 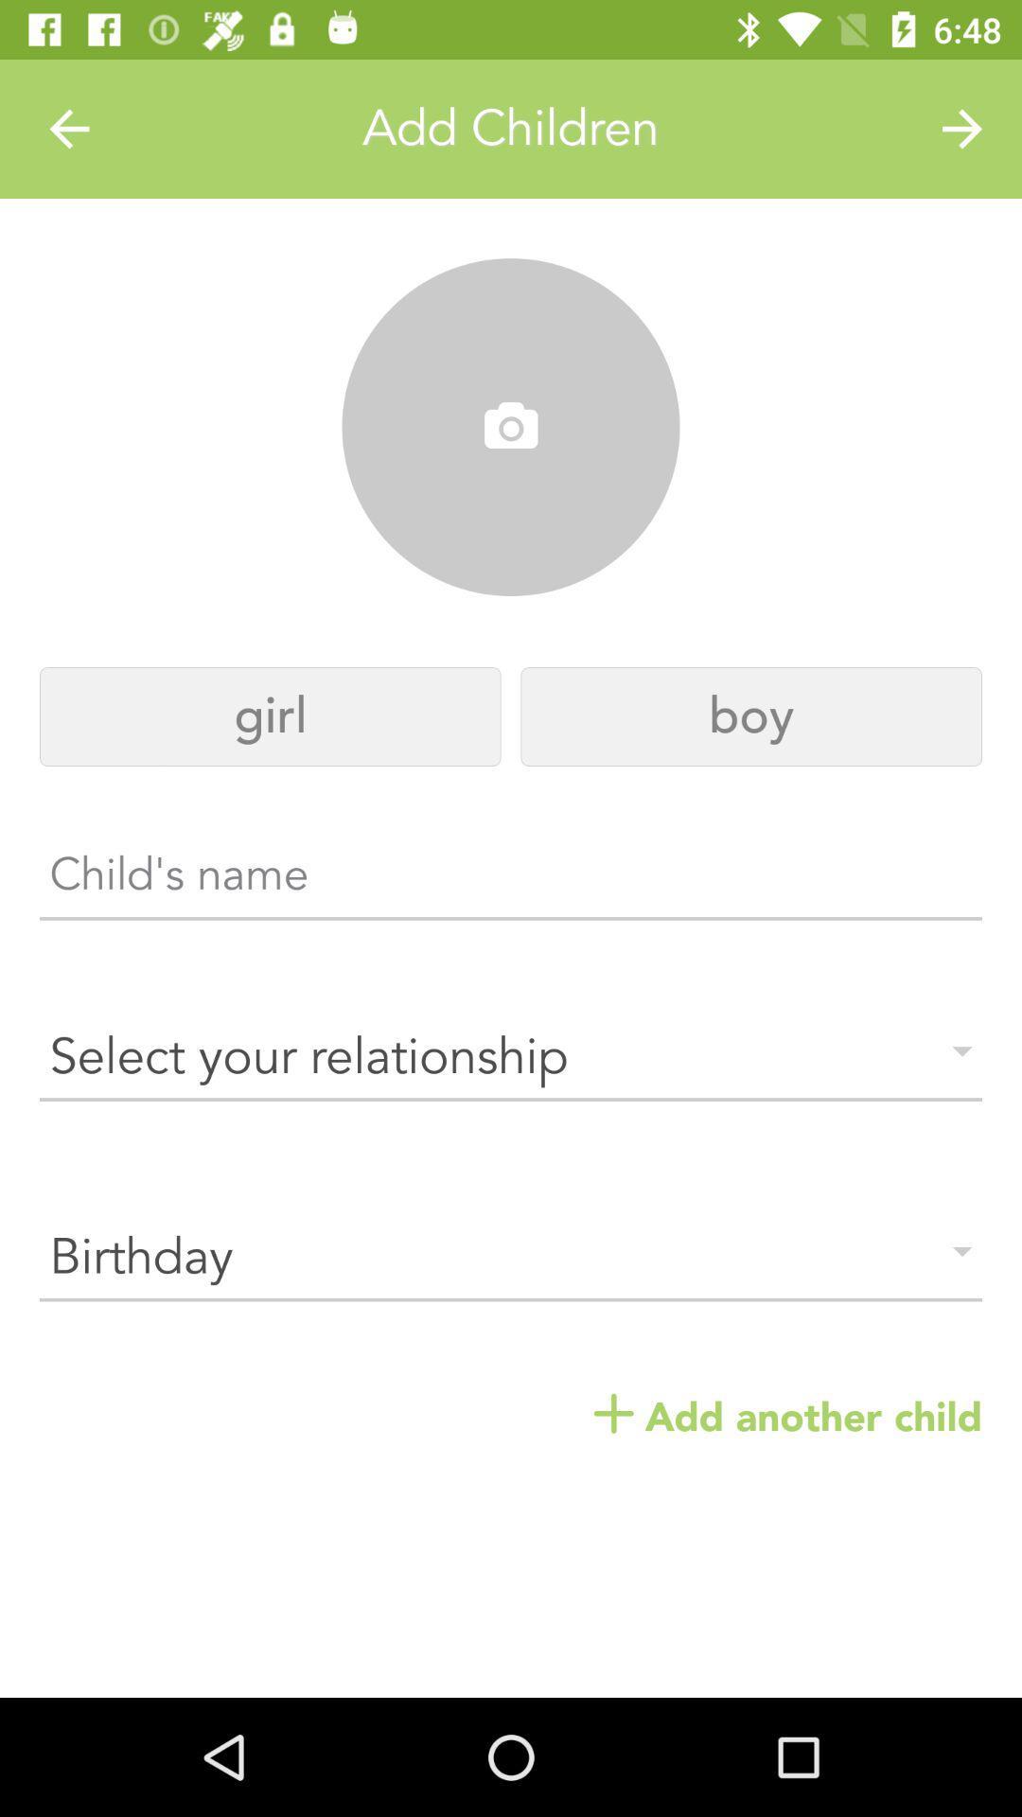 What do you see at coordinates (68, 128) in the screenshot?
I see `icon to the left of add children icon` at bounding box center [68, 128].